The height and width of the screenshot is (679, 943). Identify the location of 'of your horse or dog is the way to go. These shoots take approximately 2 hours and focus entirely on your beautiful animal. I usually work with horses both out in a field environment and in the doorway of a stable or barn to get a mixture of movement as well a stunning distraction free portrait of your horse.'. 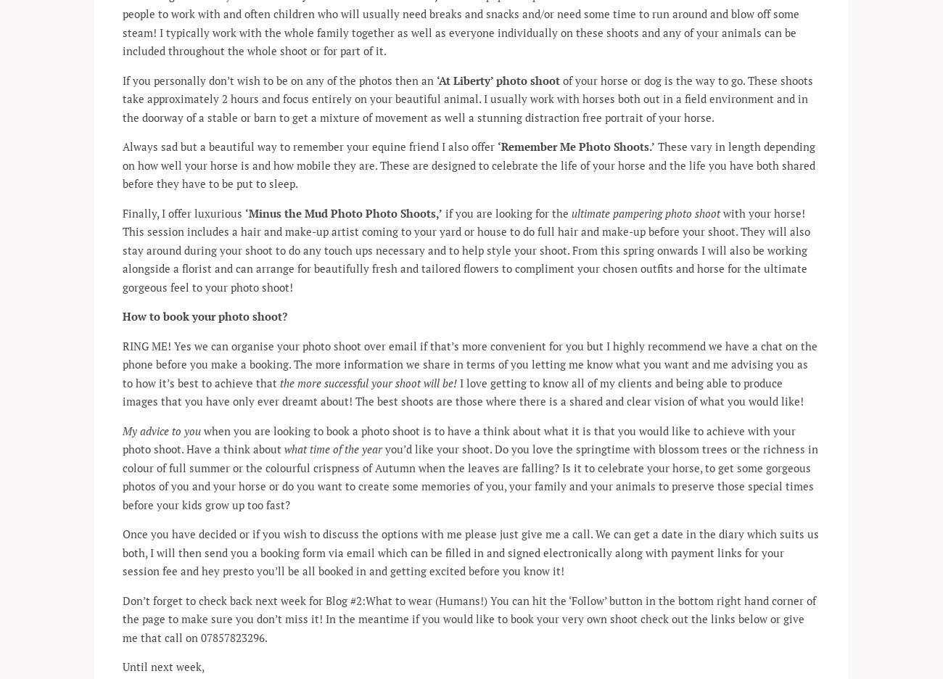
(468, 98).